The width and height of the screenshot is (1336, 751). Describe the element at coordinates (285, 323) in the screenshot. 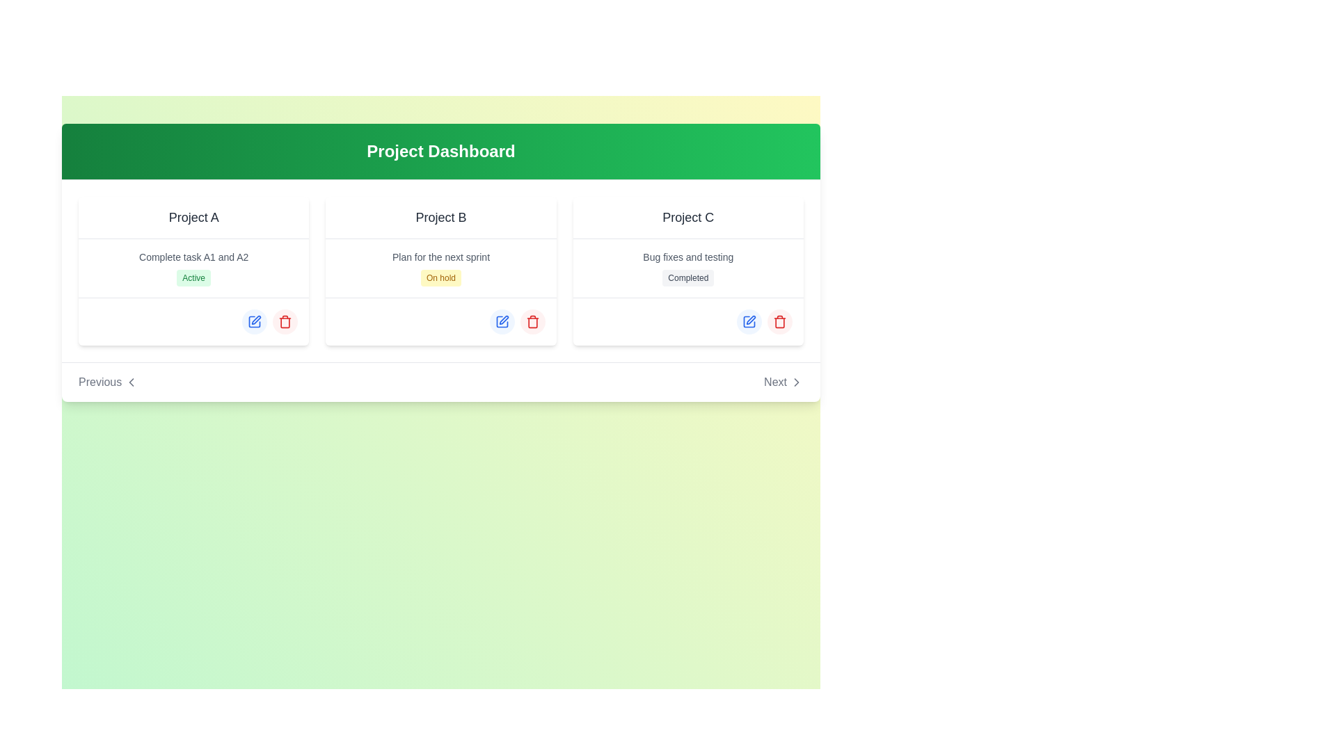

I see `the minimalistic trash can icon element with rounded corners located on the right side of the 'Project A' card in the dashboard` at that location.